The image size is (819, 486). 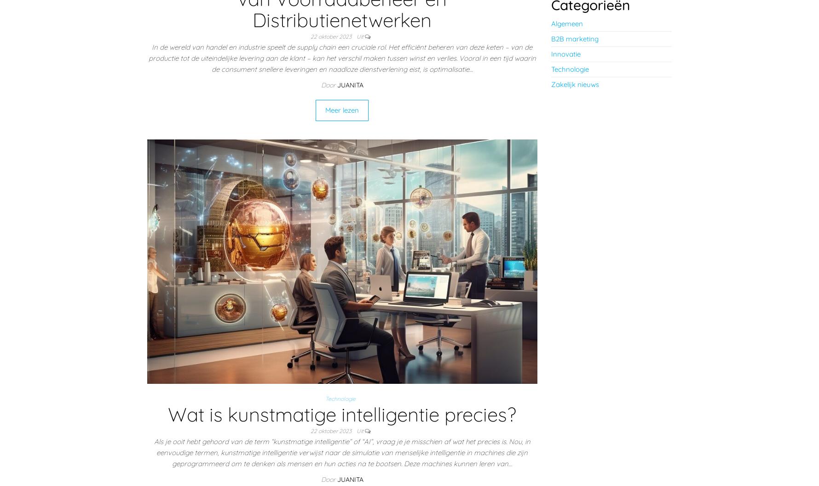 I want to click on 'B2B marketing', so click(x=574, y=38).